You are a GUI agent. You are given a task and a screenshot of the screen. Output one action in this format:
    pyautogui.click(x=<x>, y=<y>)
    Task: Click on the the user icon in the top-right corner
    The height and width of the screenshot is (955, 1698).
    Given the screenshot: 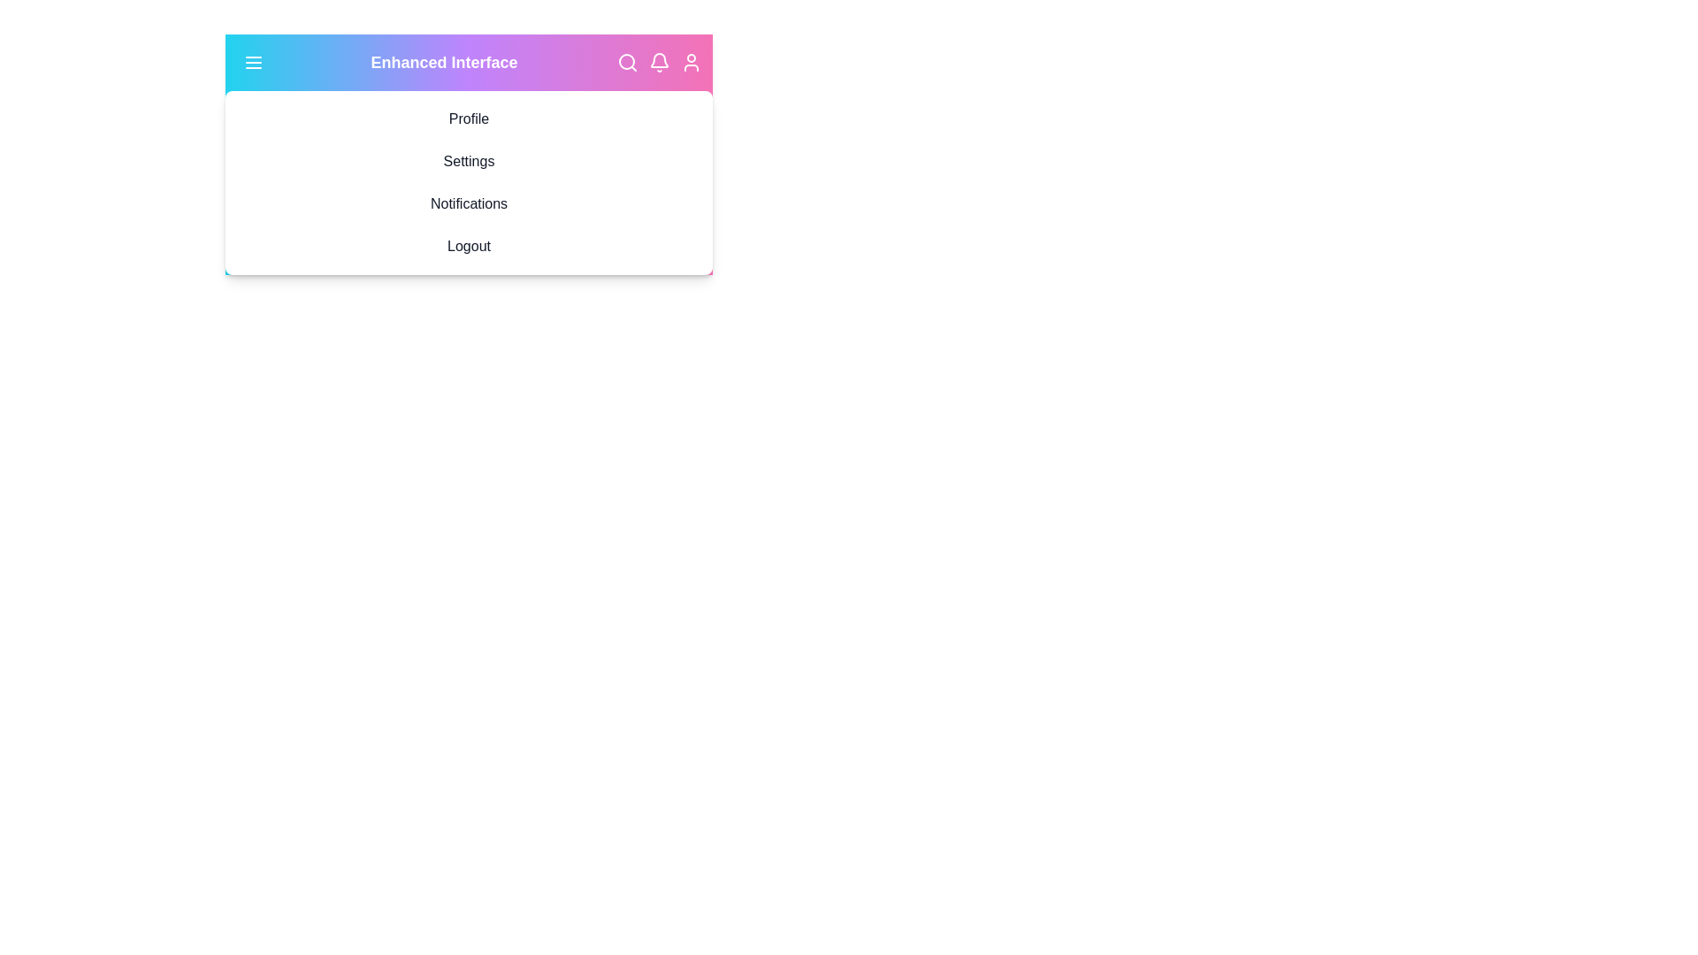 What is the action you would take?
    pyautogui.click(x=691, y=61)
    